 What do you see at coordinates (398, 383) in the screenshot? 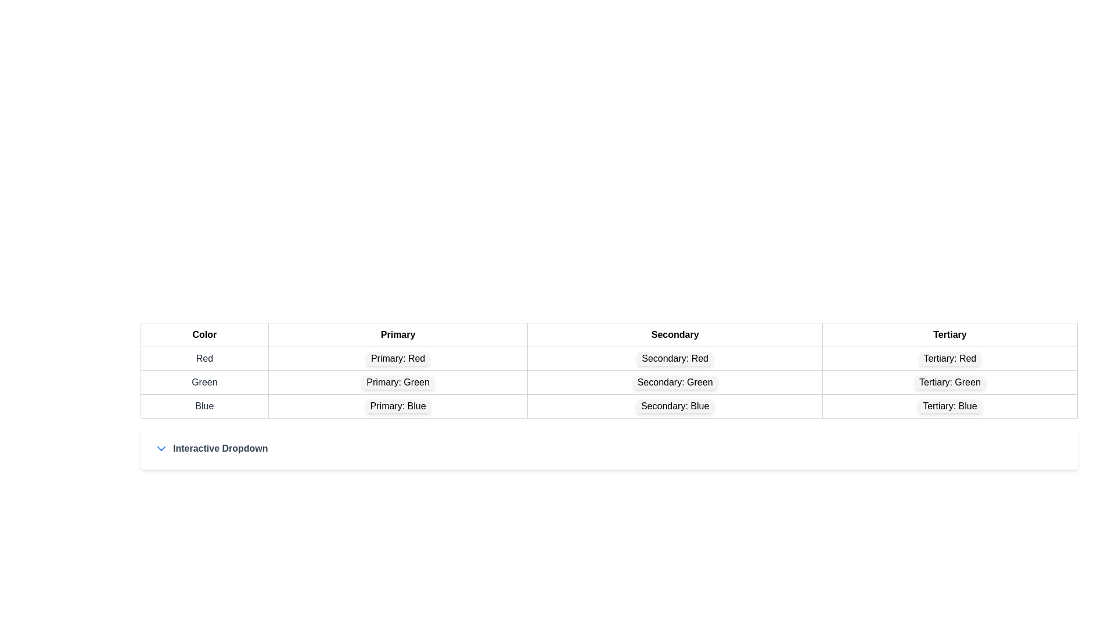
I see `the Text Label indicating the primary color category for the 'Green' color row in the table, located in the second column of the second row under the 'Primary' header` at bounding box center [398, 383].